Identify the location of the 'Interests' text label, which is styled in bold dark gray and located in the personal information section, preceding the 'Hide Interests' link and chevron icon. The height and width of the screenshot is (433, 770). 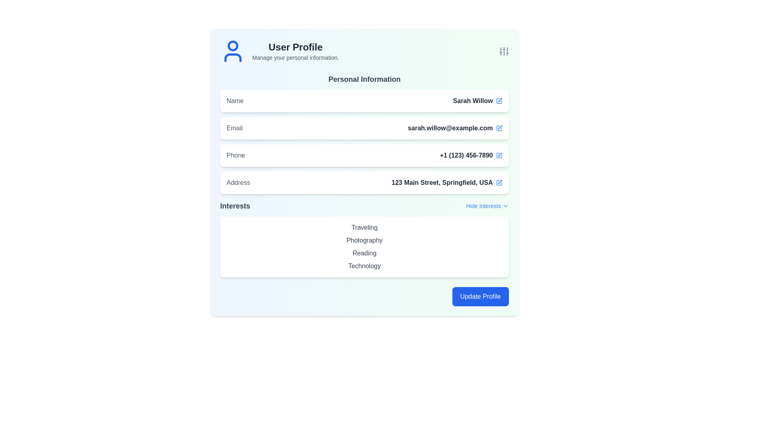
(235, 205).